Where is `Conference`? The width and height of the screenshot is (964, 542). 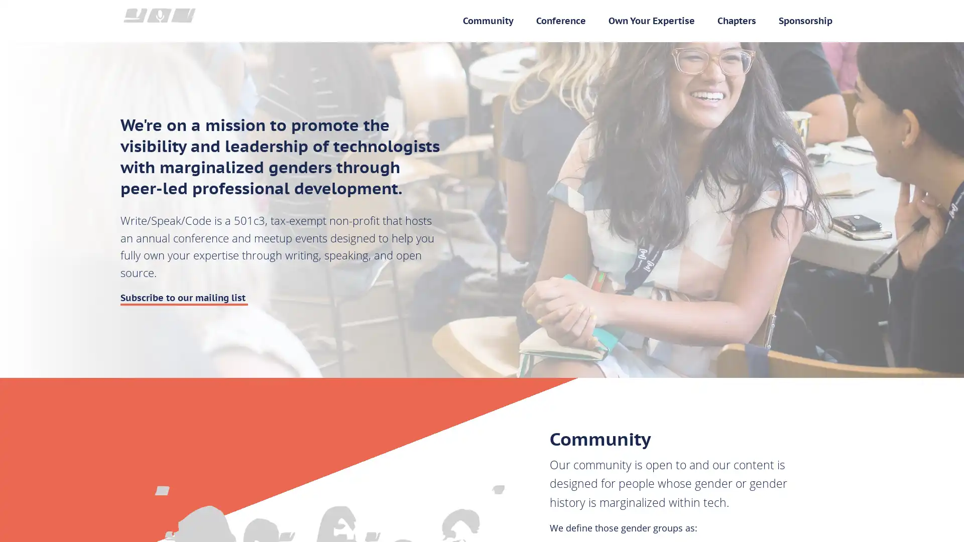
Conference is located at coordinates (560, 21).